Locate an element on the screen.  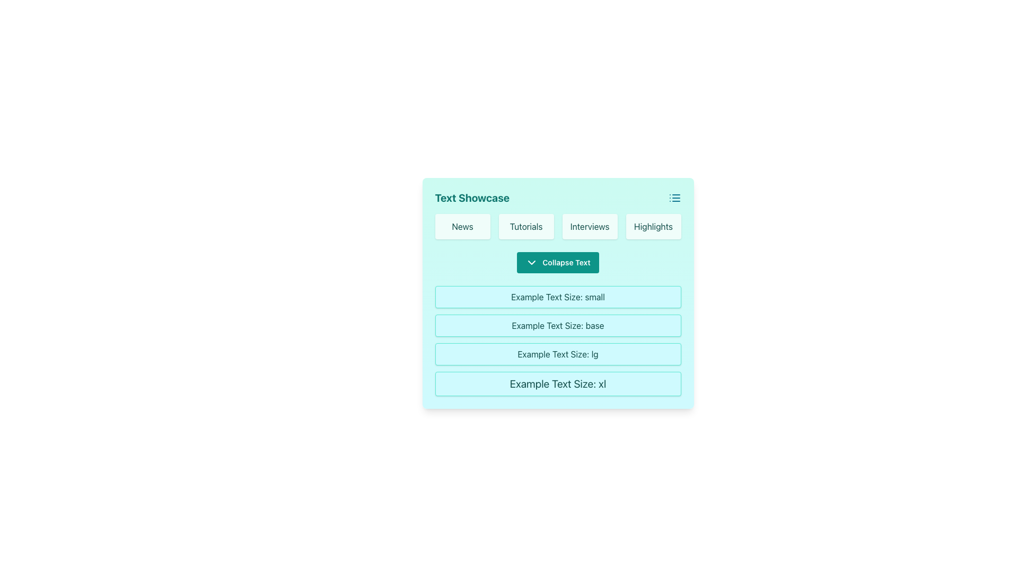
the fourth Text Display Component that shows text information with size 'xl', located at the bottom of a vertical stack of similar components is located at coordinates (557, 384).